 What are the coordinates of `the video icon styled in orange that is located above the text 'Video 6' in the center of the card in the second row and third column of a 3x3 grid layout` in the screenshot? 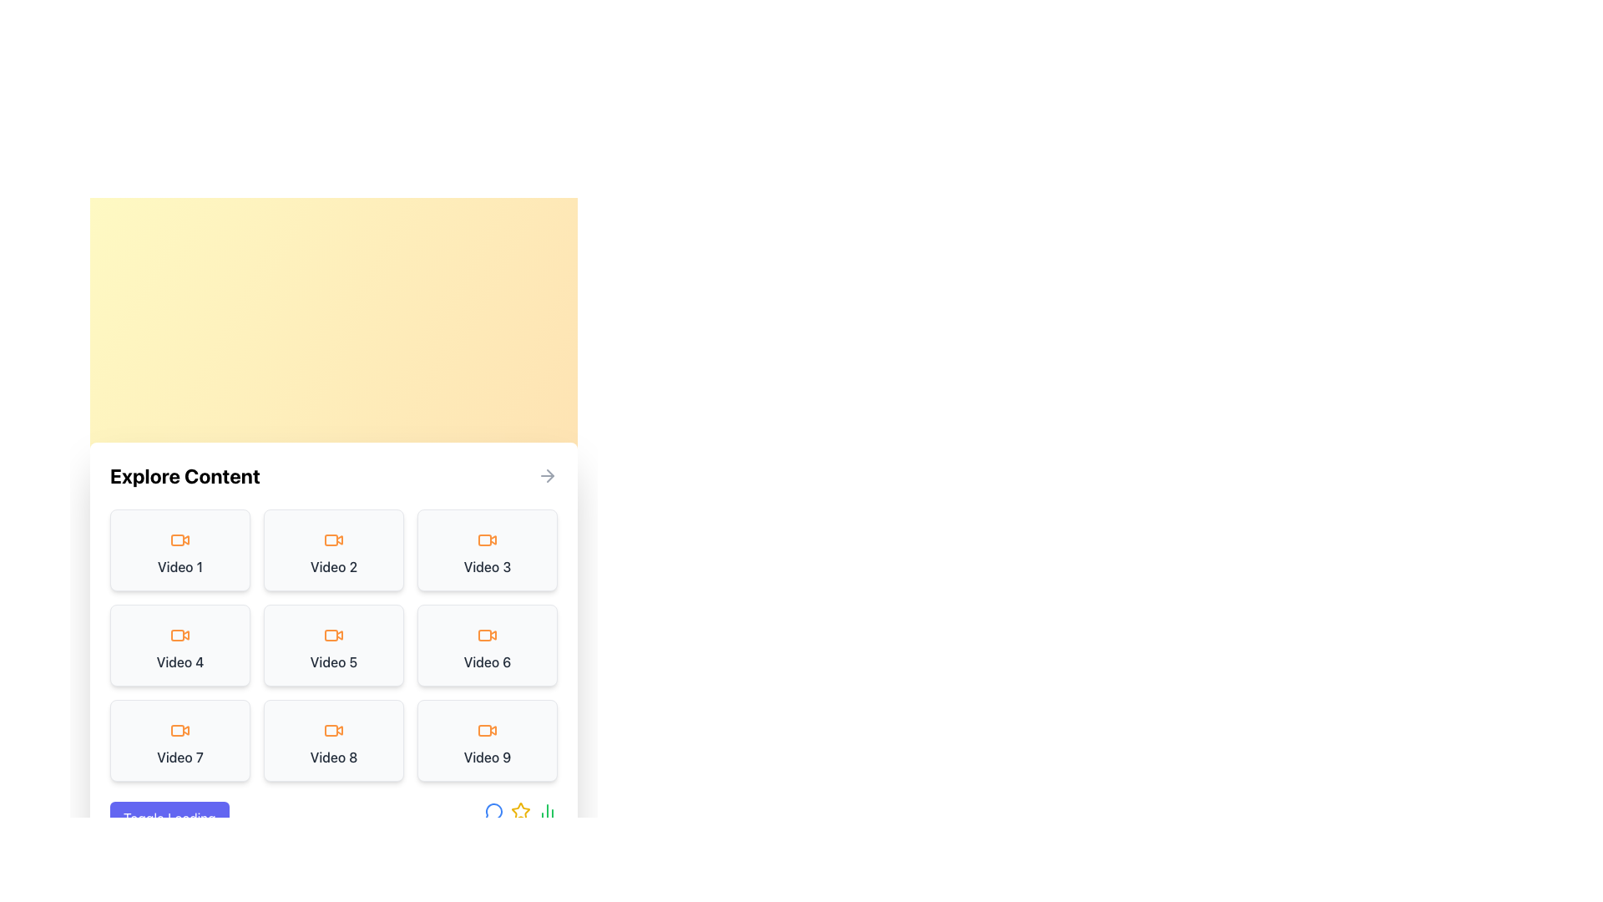 It's located at (487, 635).